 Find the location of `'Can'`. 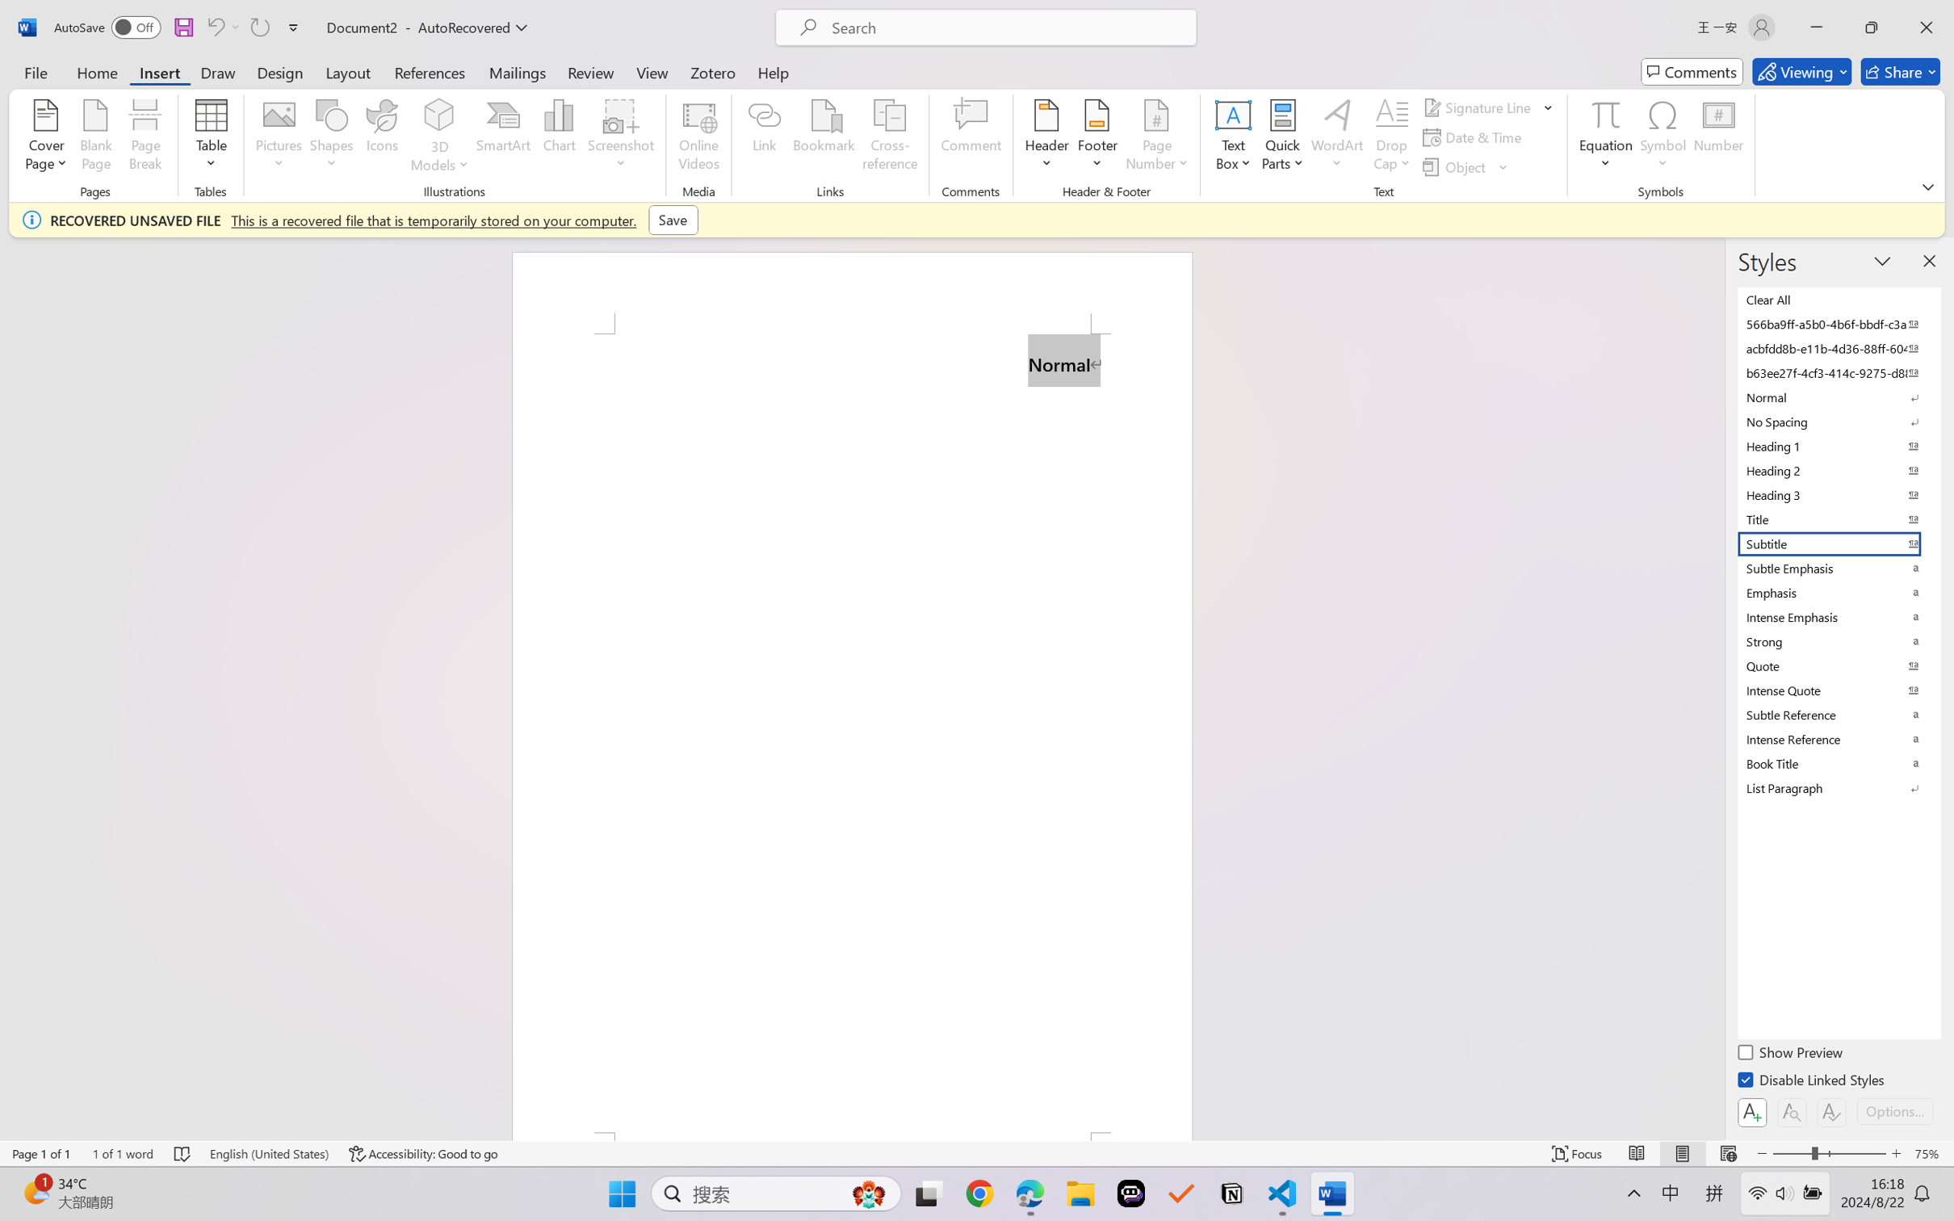

'Can' is located at coordinates (214, 27).